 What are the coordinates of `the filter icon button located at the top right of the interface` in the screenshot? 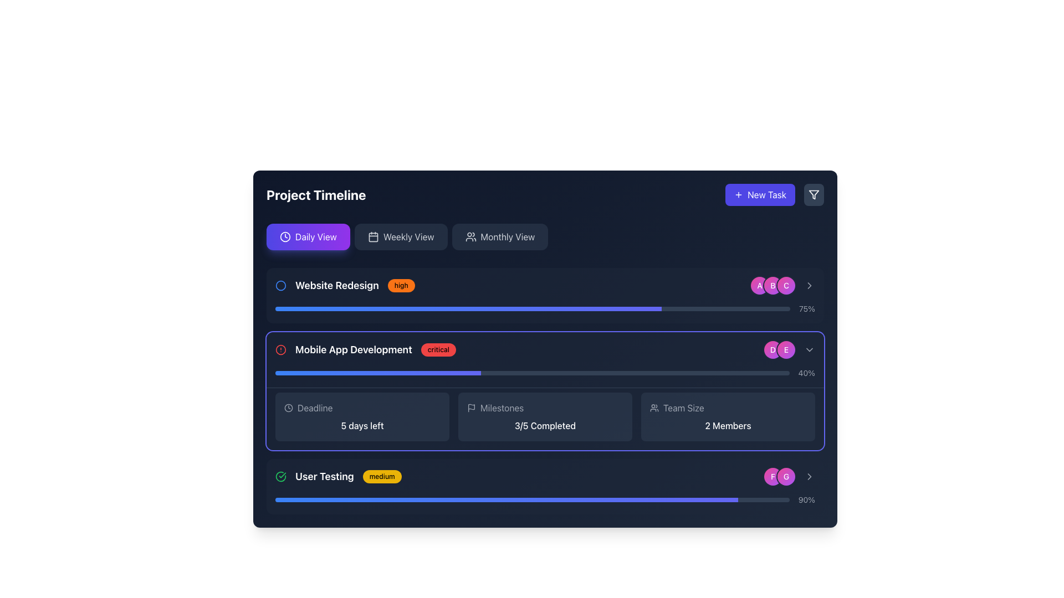 It's located at (814, 194).